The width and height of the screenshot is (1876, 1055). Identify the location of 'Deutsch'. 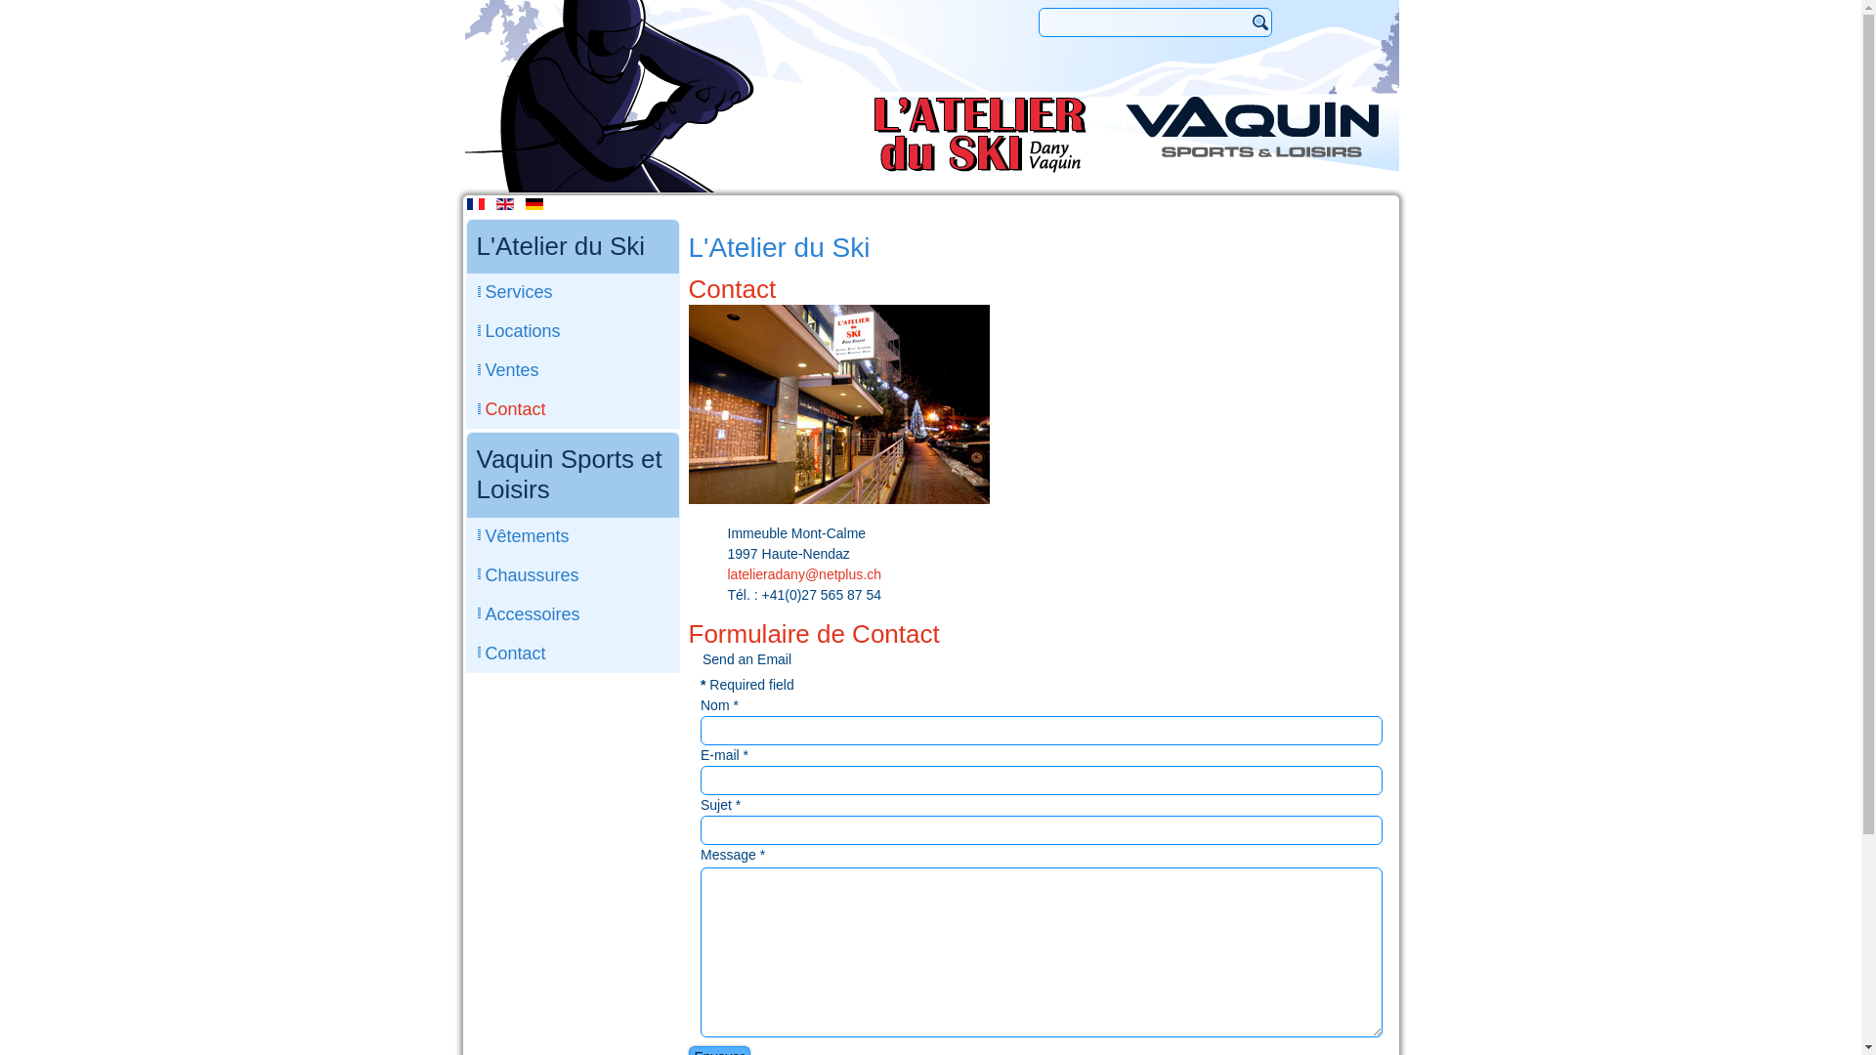
(534, 203).